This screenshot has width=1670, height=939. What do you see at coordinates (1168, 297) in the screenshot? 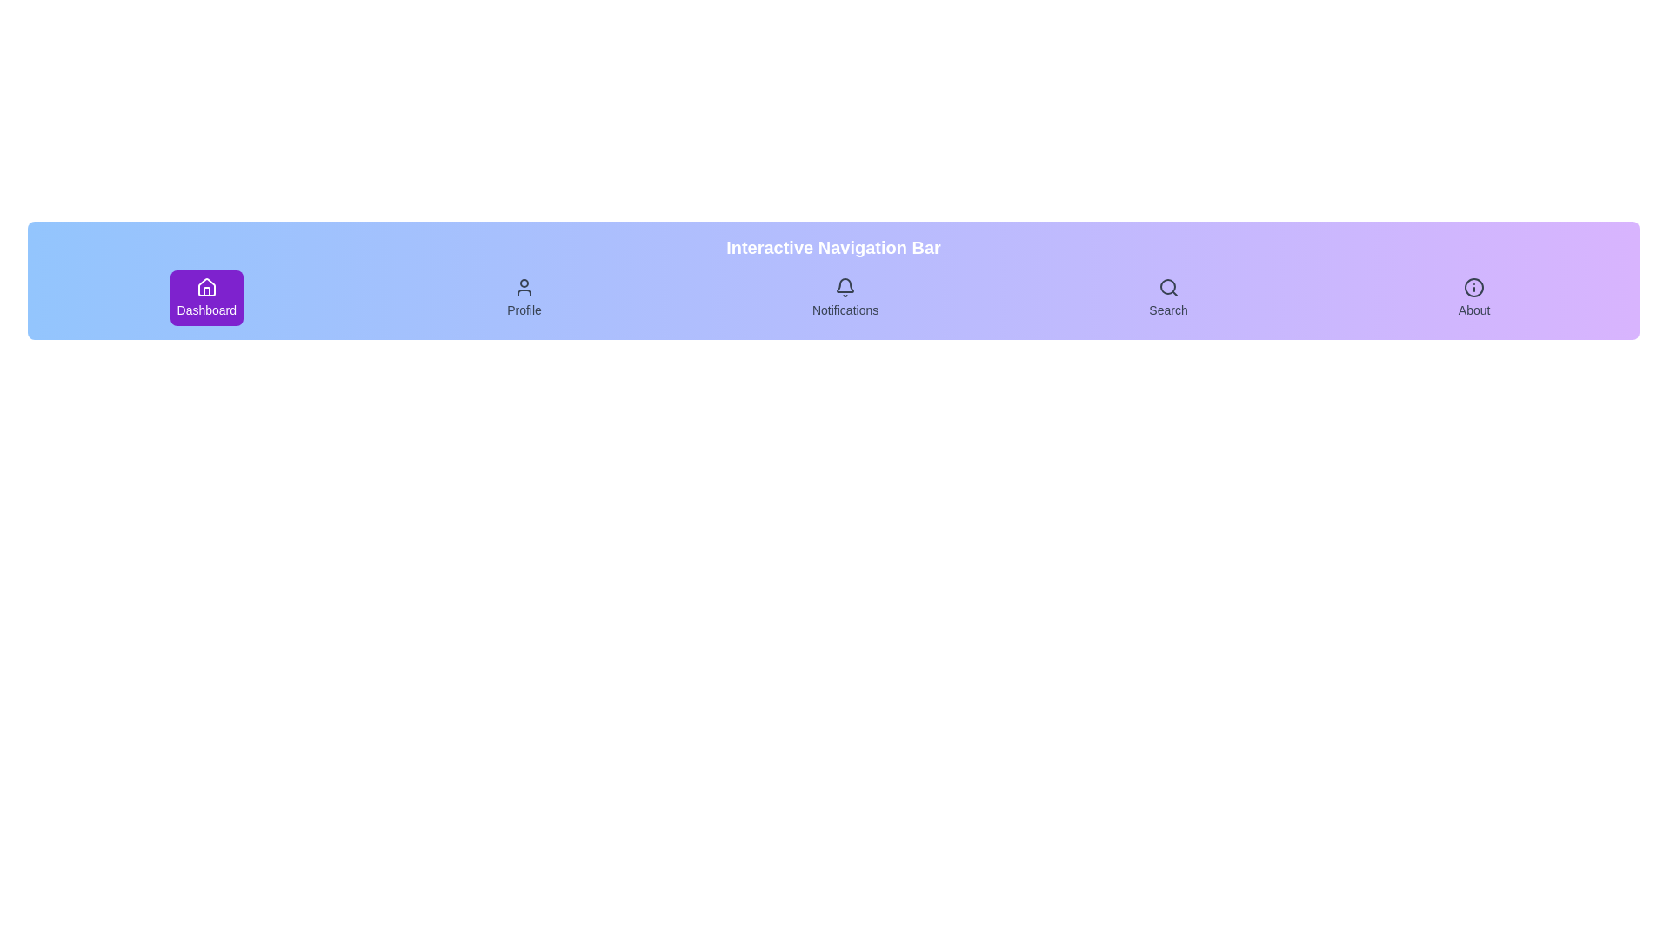
I see `the navigation item Search to highlight it` at bounding box center [1168, 297].